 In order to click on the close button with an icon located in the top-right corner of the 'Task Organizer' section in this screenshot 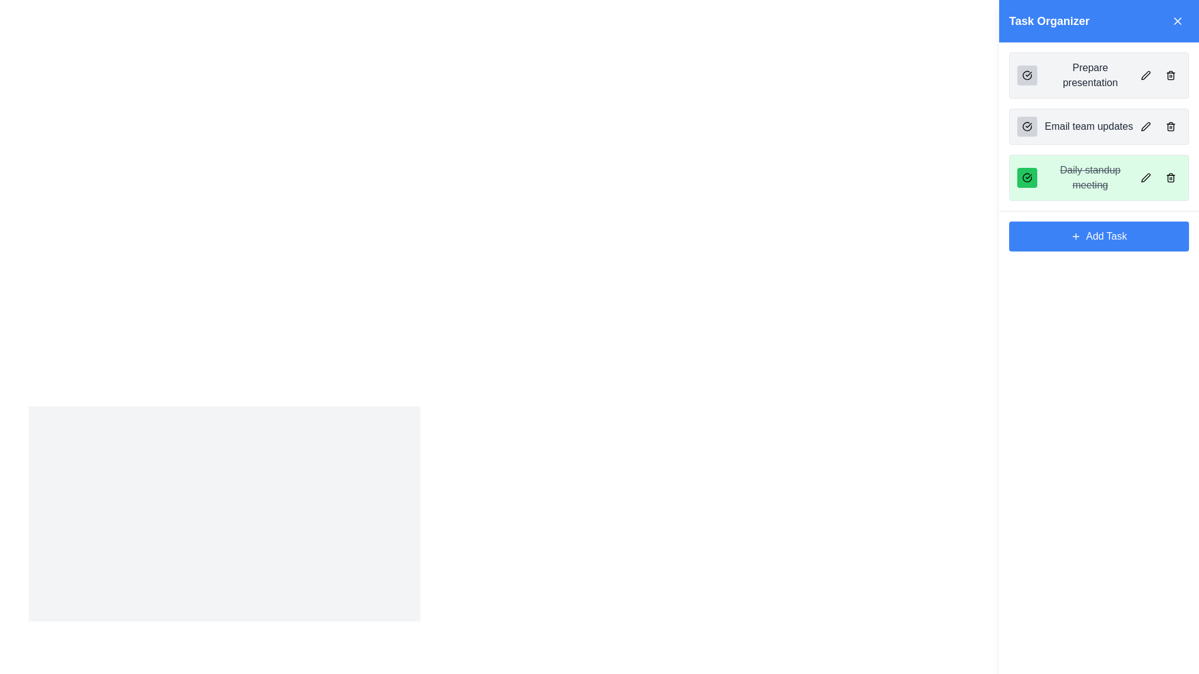, I will do `click(1177, 21)`.